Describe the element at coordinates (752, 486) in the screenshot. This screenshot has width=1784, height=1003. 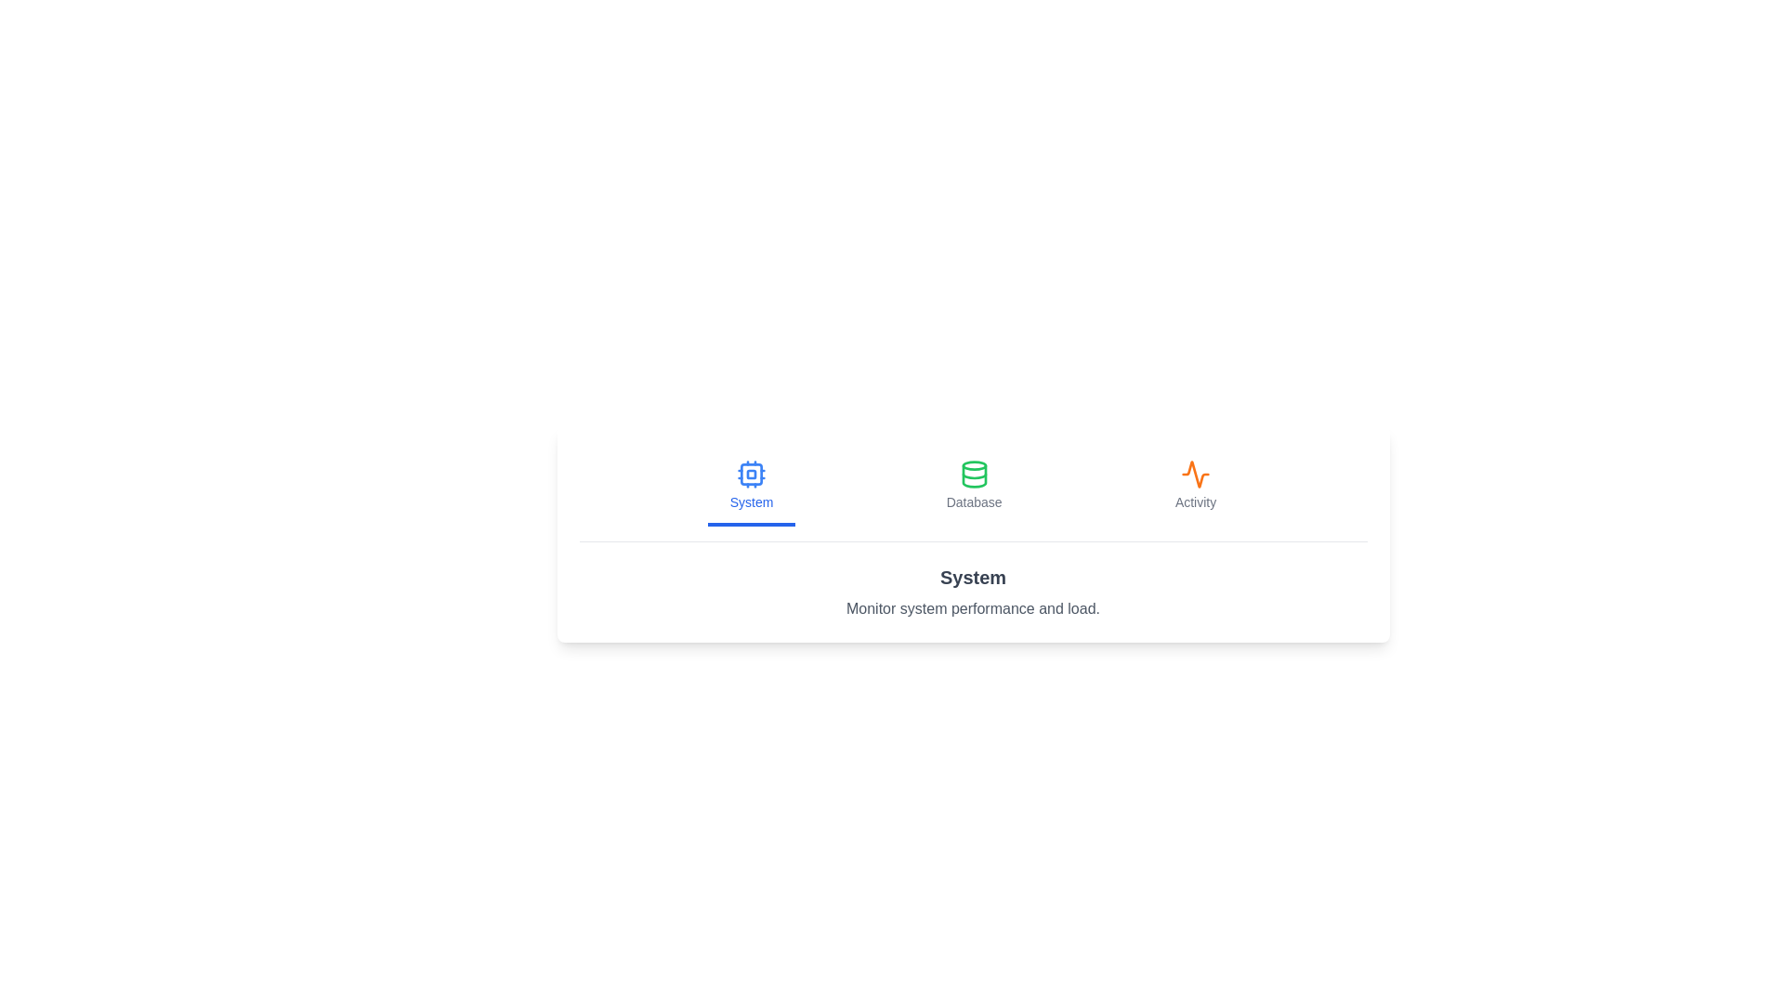
I see `the tab navigation button labeled System` at that location.